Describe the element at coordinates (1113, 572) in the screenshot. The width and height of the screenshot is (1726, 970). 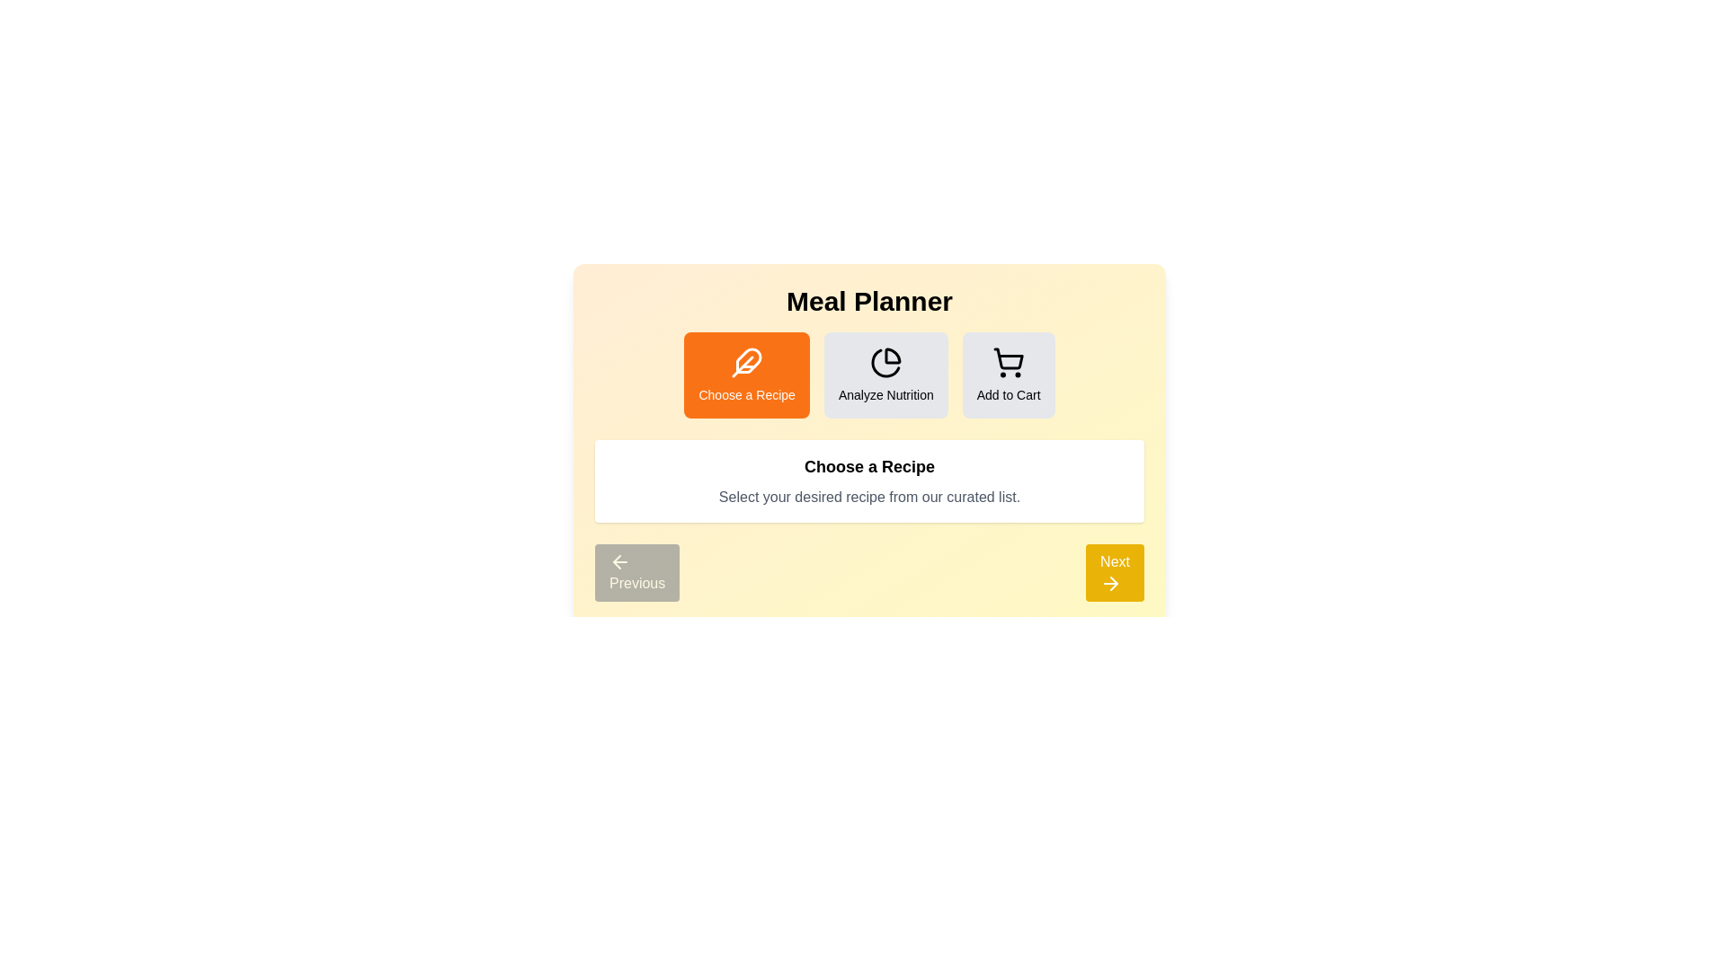
I see `the 'Next' button to navigate to the next step` at that location.